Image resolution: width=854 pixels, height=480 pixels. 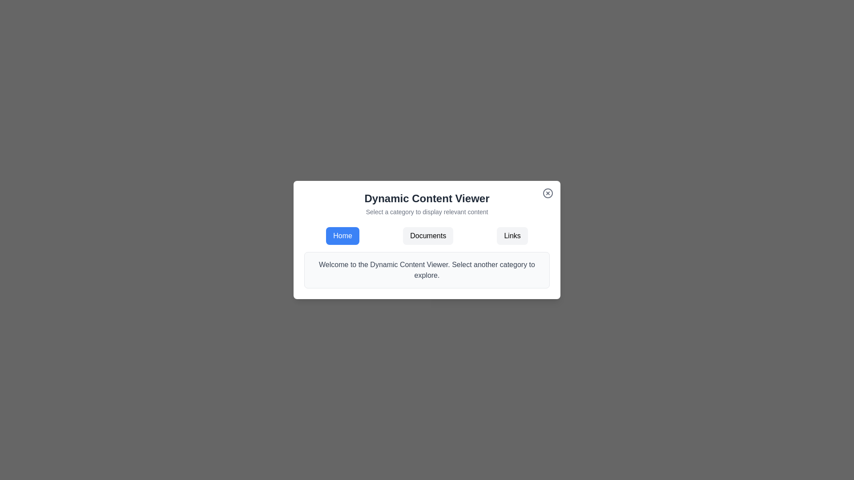 What do you see at coordinates (427, 204) in the screenshot?
I see `the Text display section containing the header 'Dynamic Content Viewer' and the subtitle 'Select a category` at bounding box center [427, 204].